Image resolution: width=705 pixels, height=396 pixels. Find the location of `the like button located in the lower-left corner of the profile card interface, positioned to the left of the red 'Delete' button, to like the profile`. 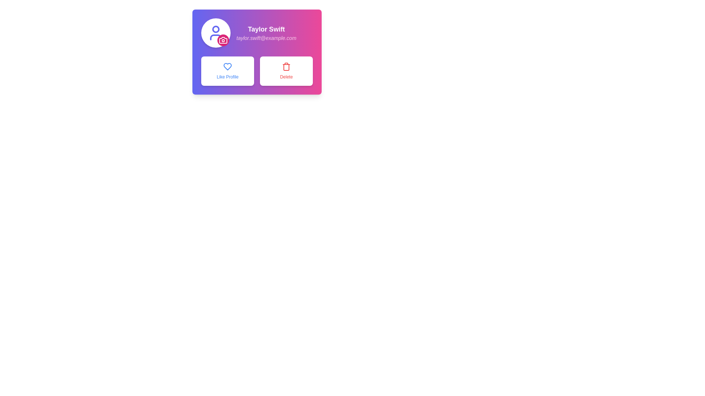

the like button located in the lower-left corner of the profile card interface, positioned to the left of the red 'Delete' button, to like the profile is located at coordinates (227, 71).